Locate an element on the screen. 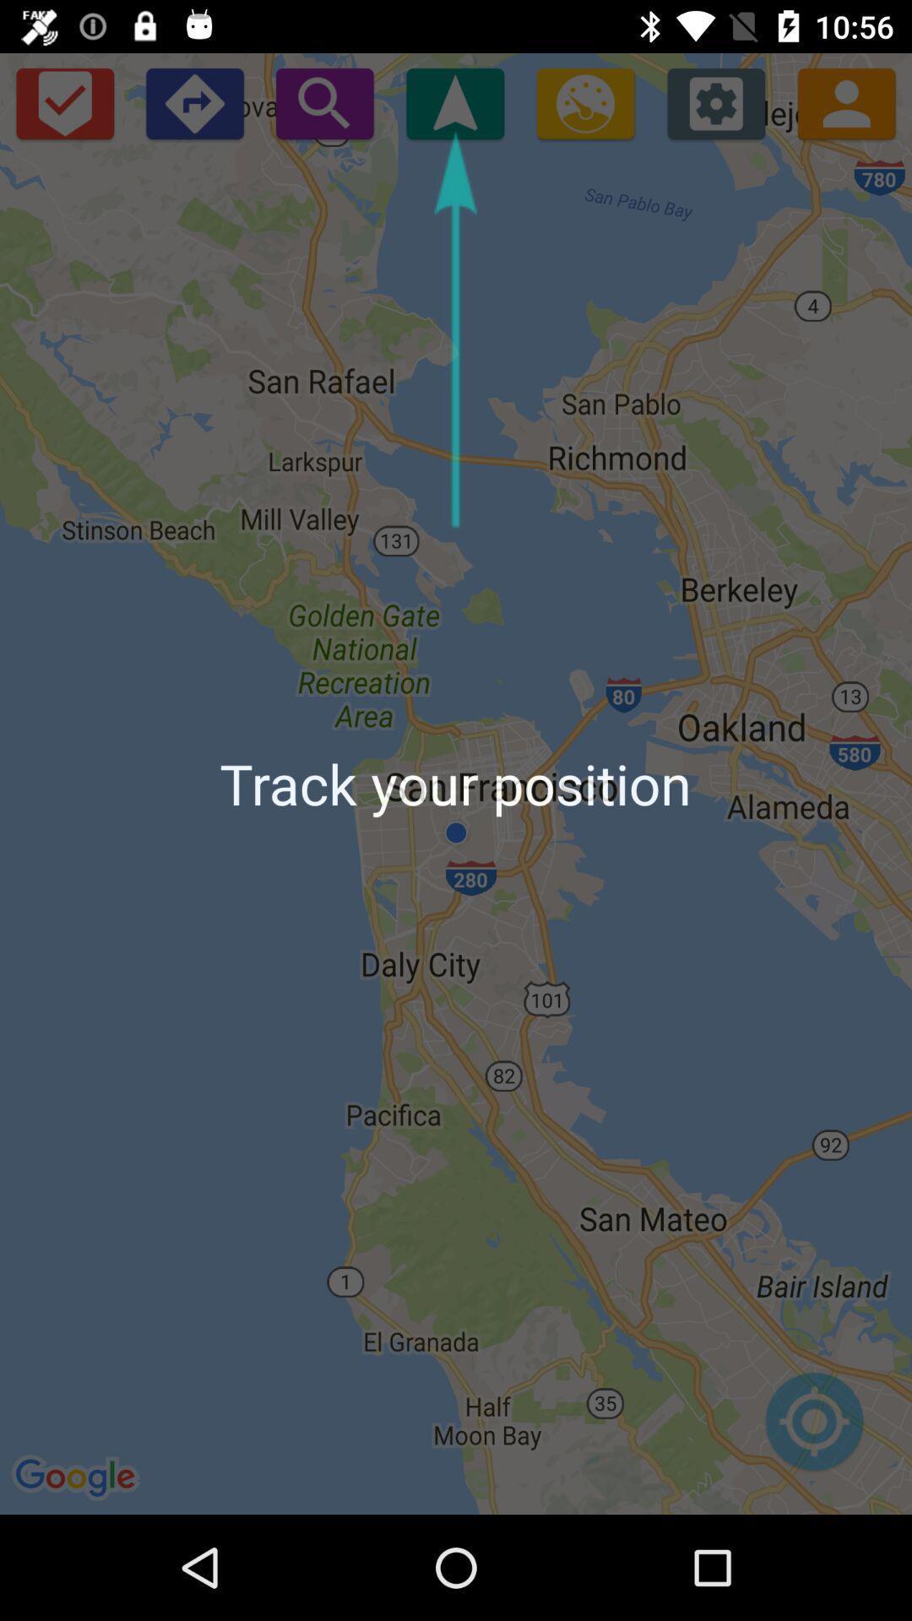 This screenshot has width=912, height=1621. optons switch is located at coordinates (716, 102).